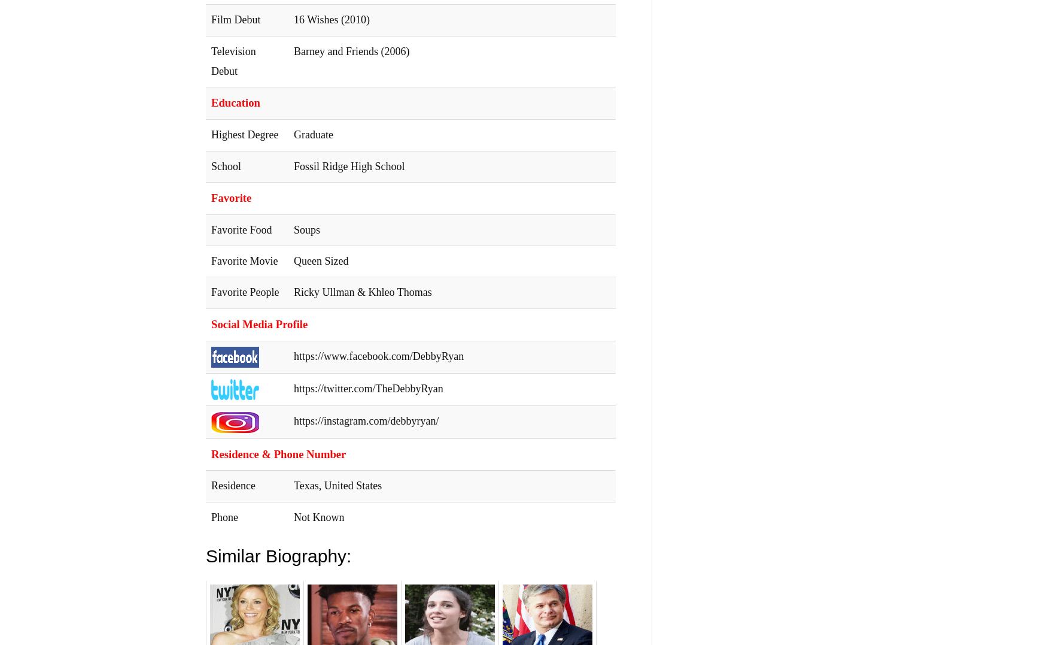 The height and width of the screenshot is (645, 1049). Describe the element at coordinates (294, 355) in the screenshot. I see `'https://www.facebook.com/DebbyRyan'` at that location.